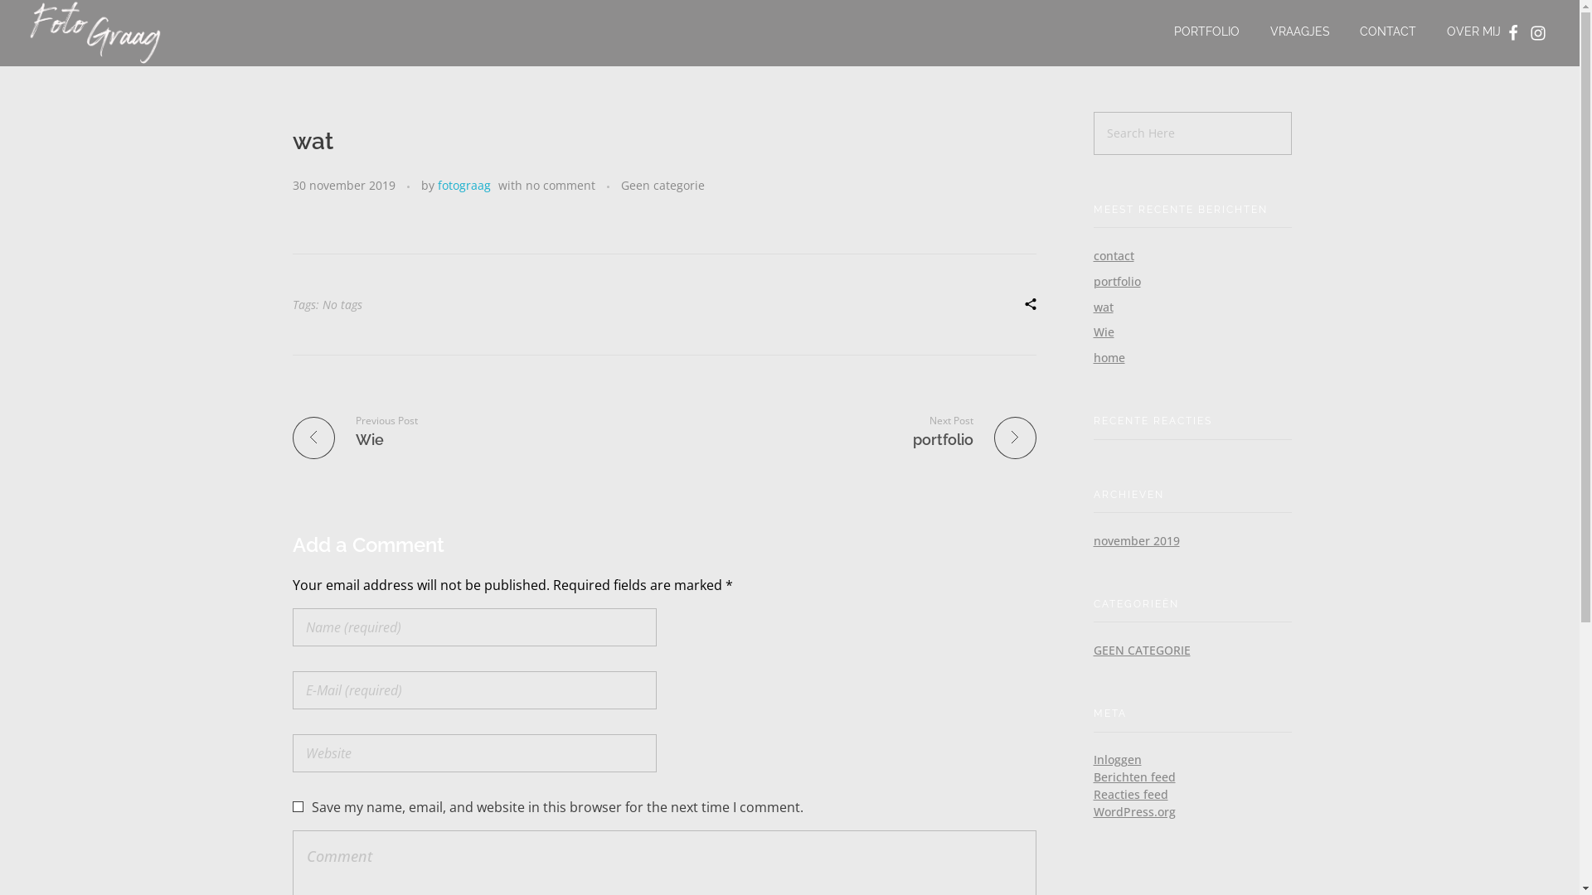 This screenshot has height=895, width=1592. I want to click on 'Berichten feed', so click(1133, 776).